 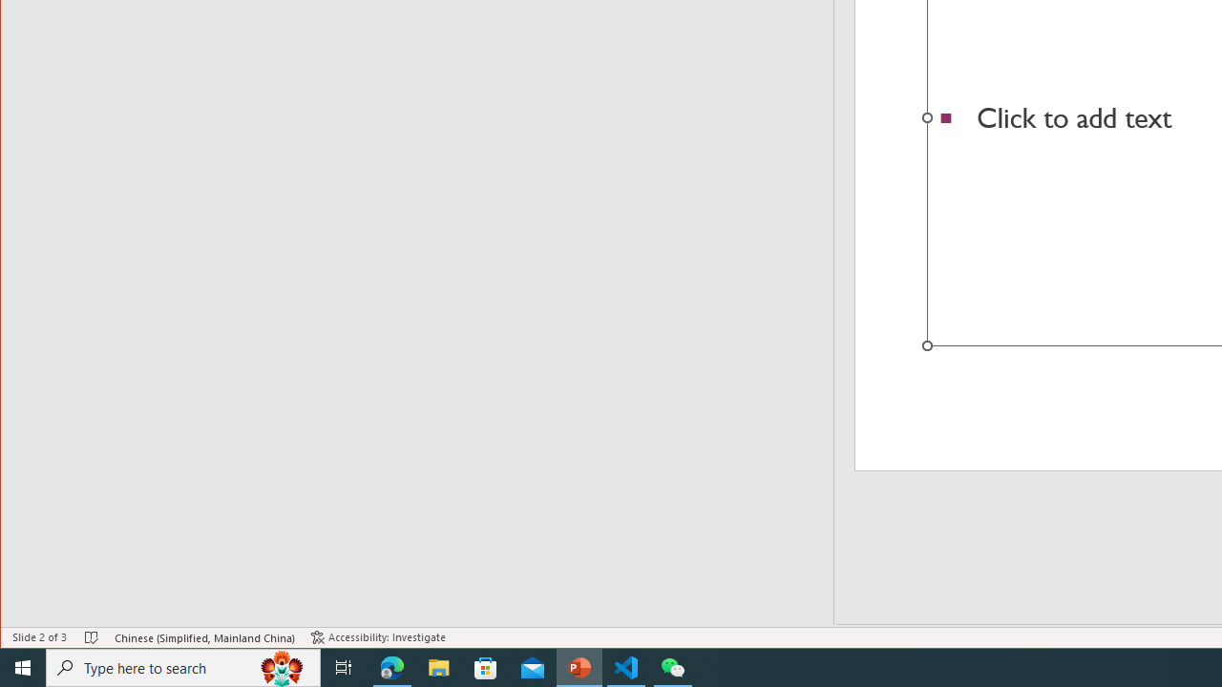 I want to click on 'File Explorer', so click(x=438, y=666).